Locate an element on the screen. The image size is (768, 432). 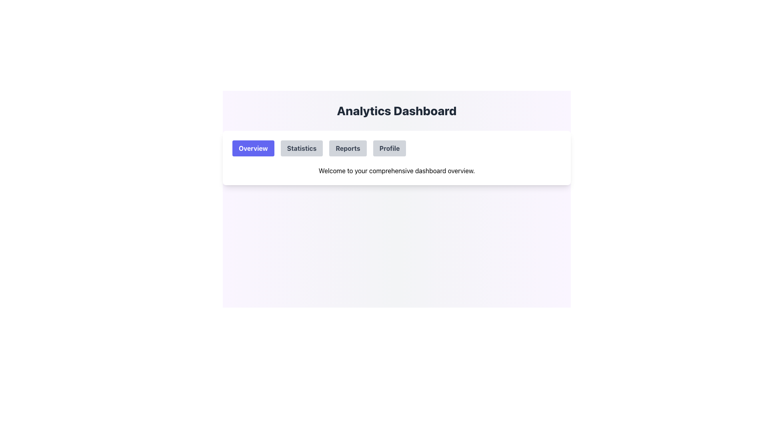
the leftmost navigation button under the title 'Analytics Dashboard' is located at coordinates (253, 148).